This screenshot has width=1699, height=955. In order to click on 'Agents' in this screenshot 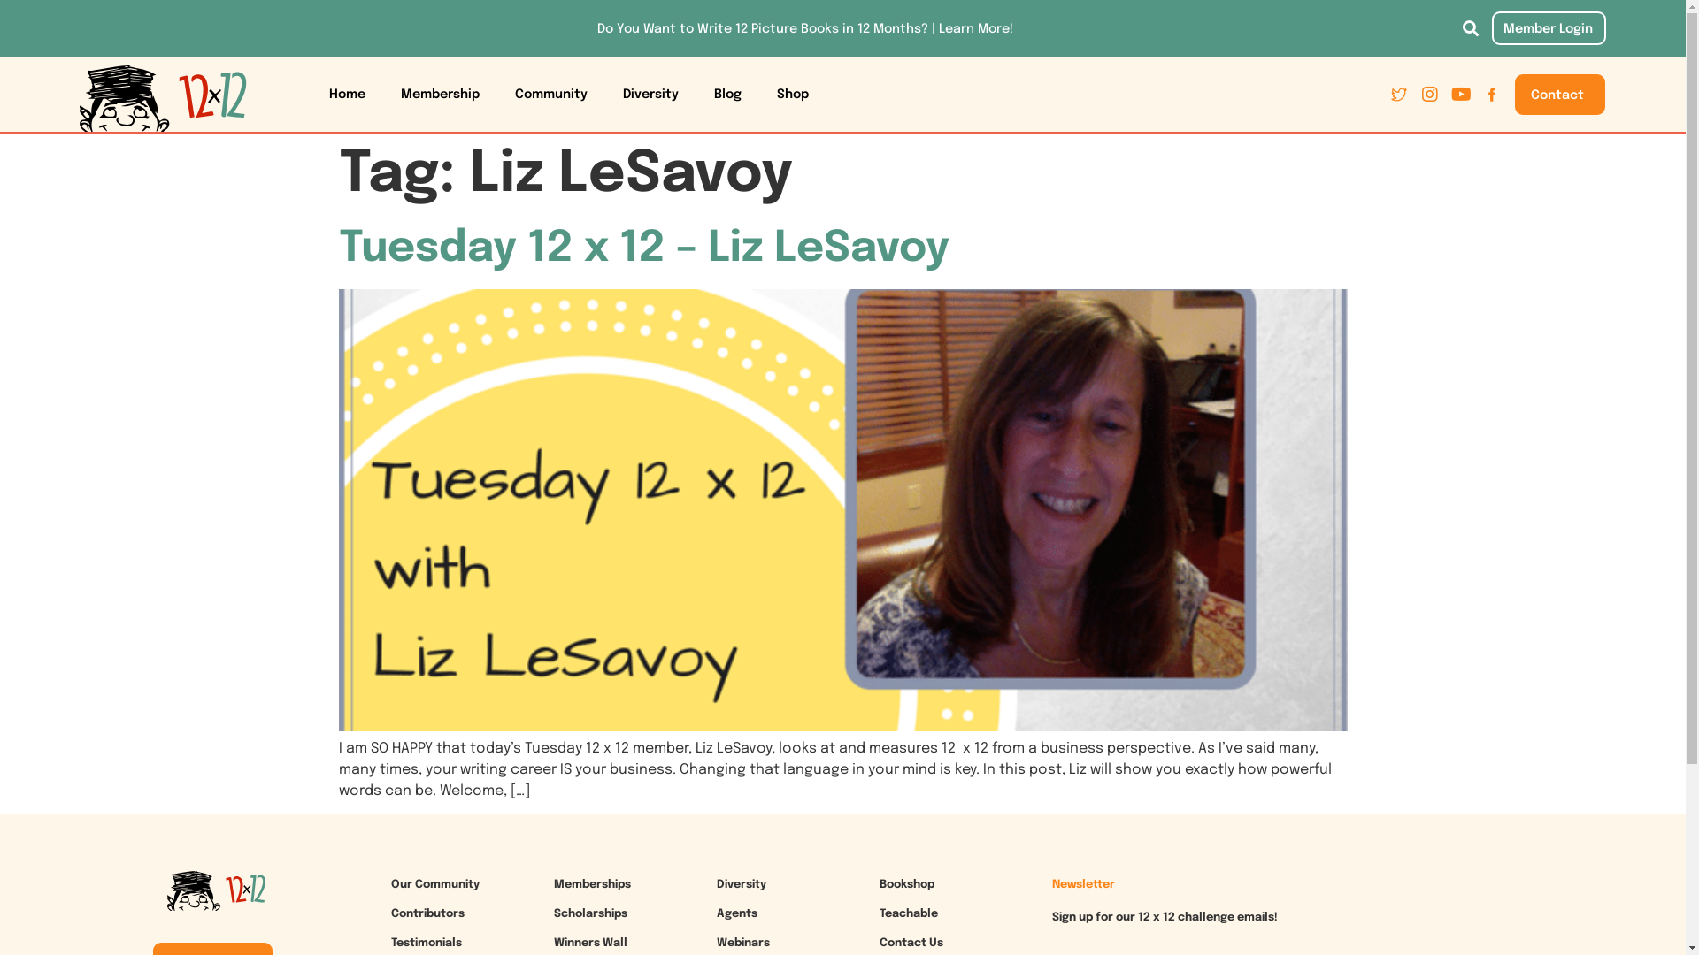, I will do `click(717, 913)`.